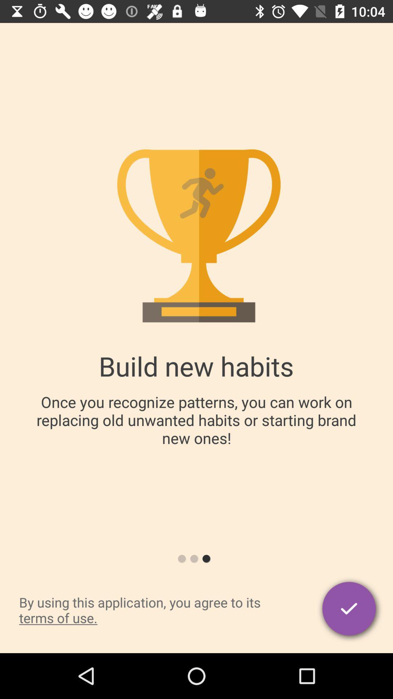 This screenshot has height=699, width=393. Describe the element at coordinates (155, 610) in the screenshot. I see `by using this icon` at that location.